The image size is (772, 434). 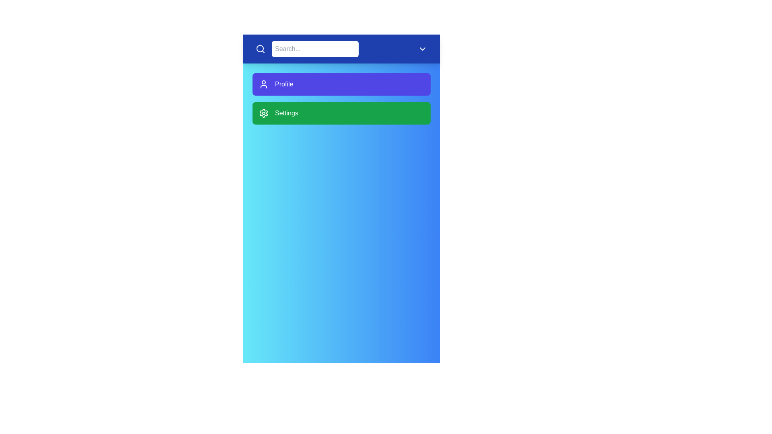 I want to click on the 'Settings' menu item to open the settings page, so click(x=341, y=113).